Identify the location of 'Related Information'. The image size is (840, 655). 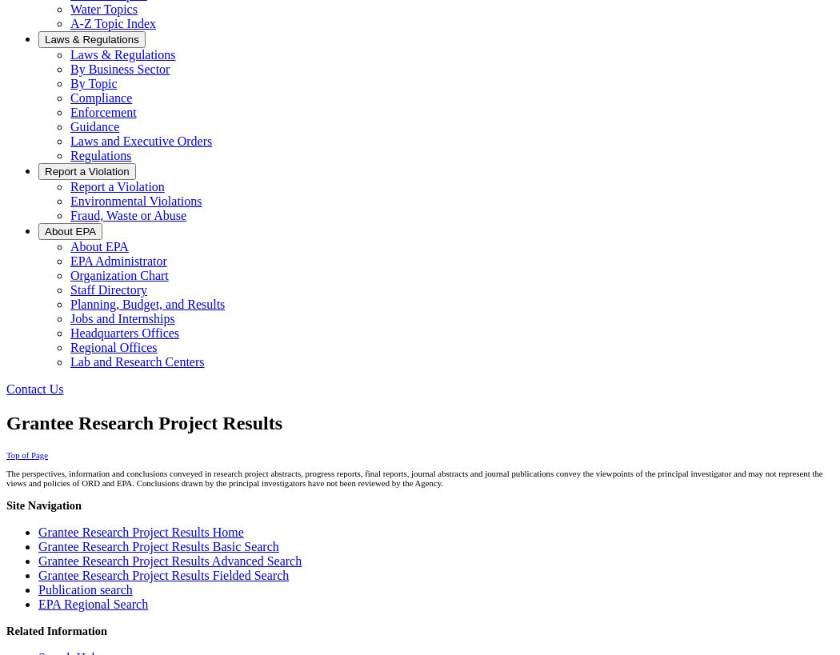
(55, 631).